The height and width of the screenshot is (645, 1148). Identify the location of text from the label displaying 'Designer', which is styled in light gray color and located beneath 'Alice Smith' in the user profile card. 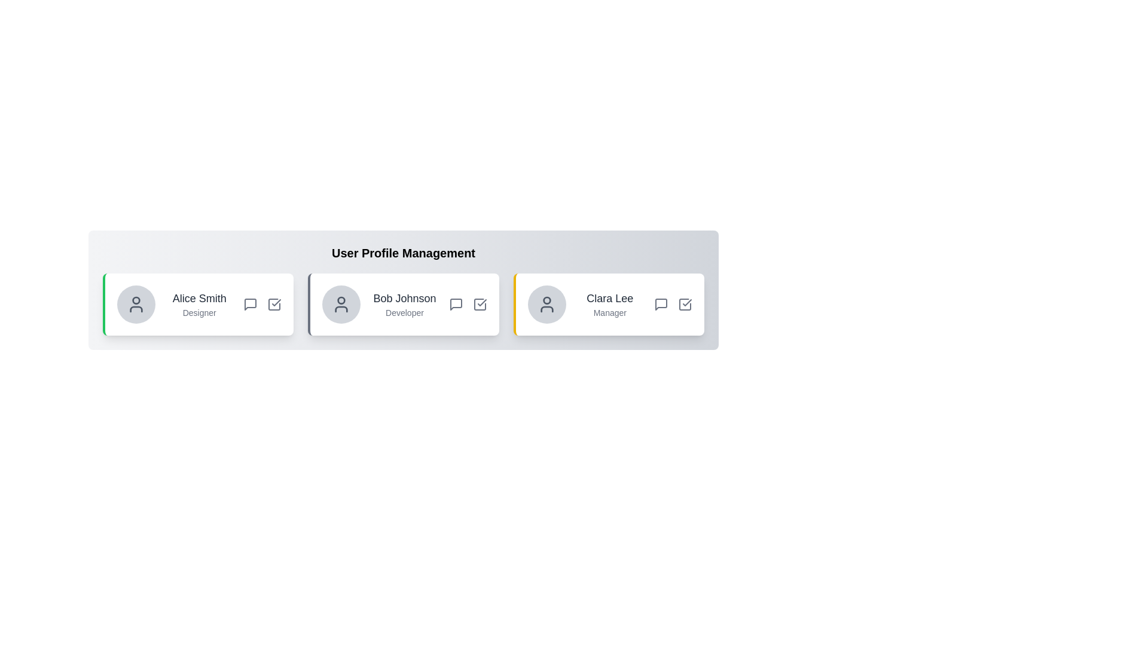
(199, 312).